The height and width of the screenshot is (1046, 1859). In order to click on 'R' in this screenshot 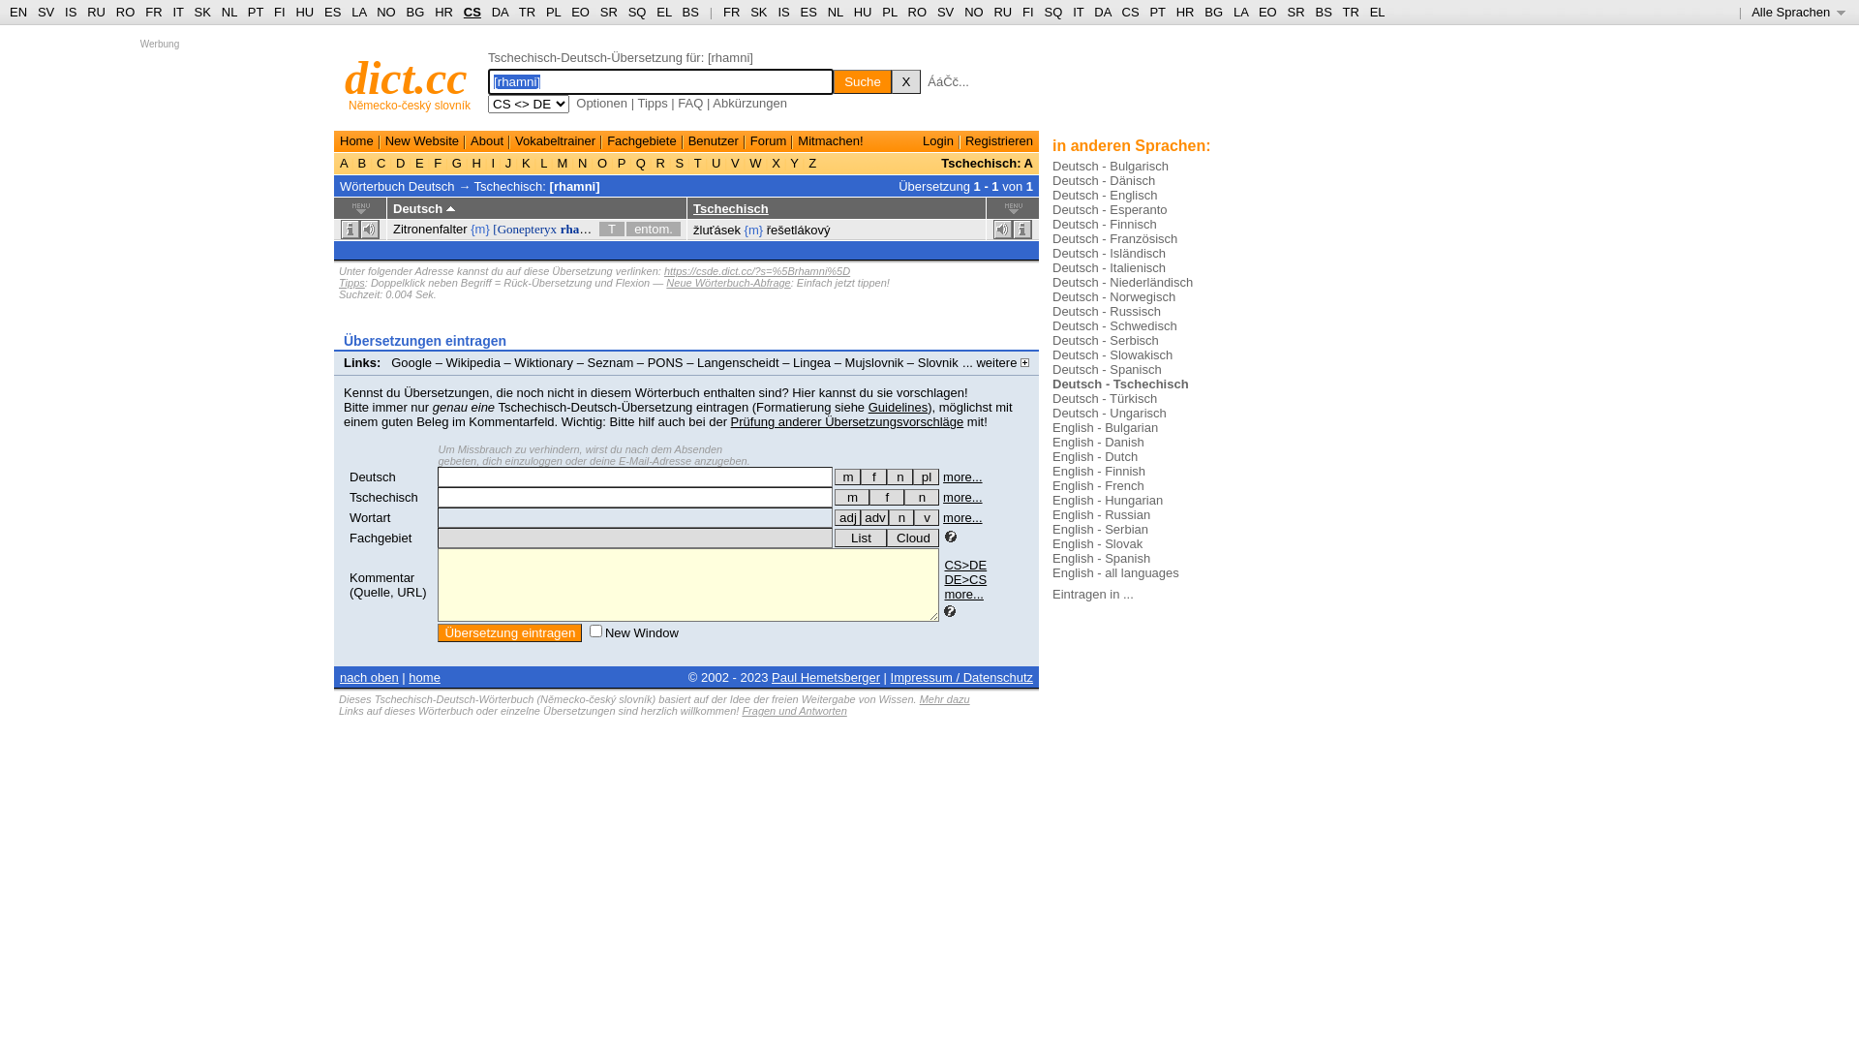, I will do `click(652, 162)`.